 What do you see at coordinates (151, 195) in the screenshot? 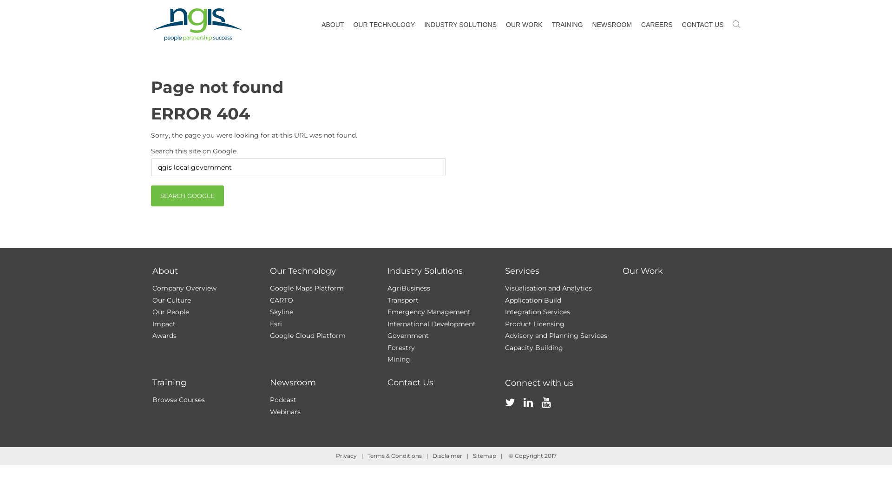
I see `'SEARCH GOOGLE'` at bounding box center [151, 195].